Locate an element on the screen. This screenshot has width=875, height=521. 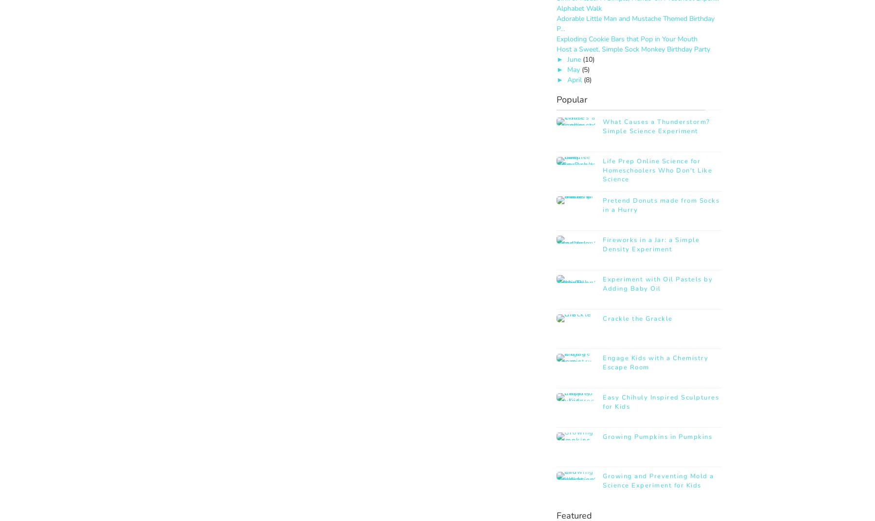
'Fireworks in a Jar: a Simple Density Experiment' is located at coordinates (651, 244).